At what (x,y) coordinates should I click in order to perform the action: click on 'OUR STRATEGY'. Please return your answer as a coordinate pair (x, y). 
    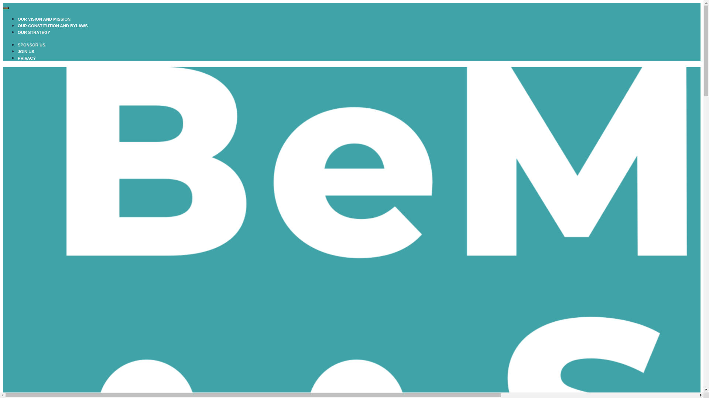
    Looking at the image, I should click on (33, 32).